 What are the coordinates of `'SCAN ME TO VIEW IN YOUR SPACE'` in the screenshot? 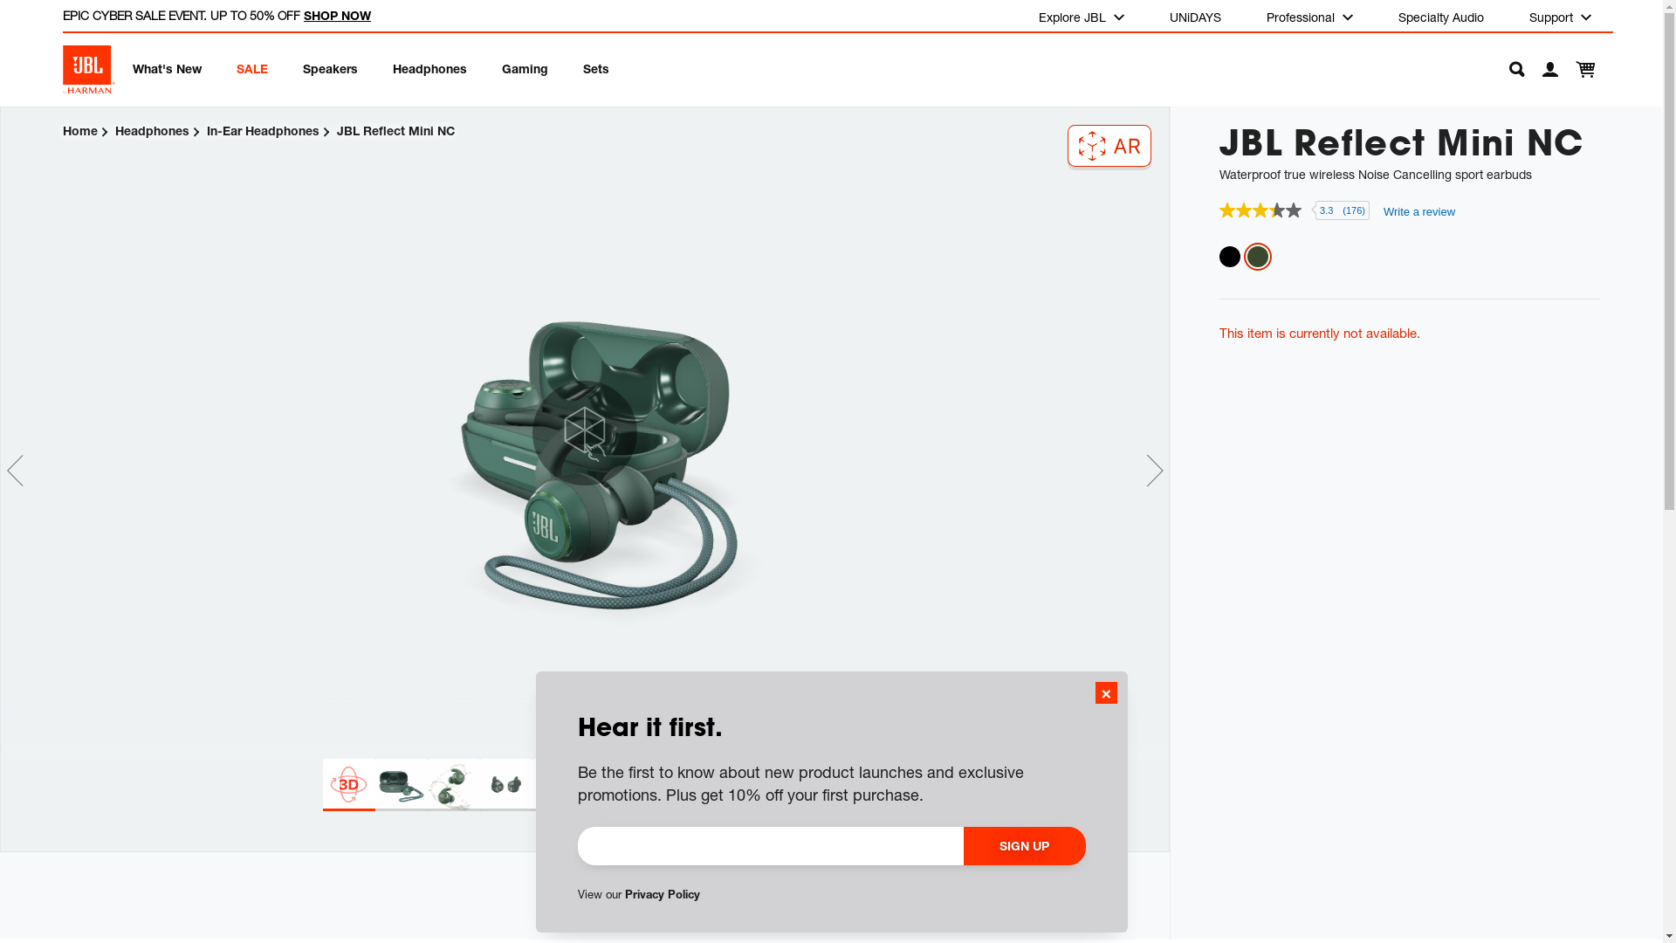 It's located at (1109, 144).